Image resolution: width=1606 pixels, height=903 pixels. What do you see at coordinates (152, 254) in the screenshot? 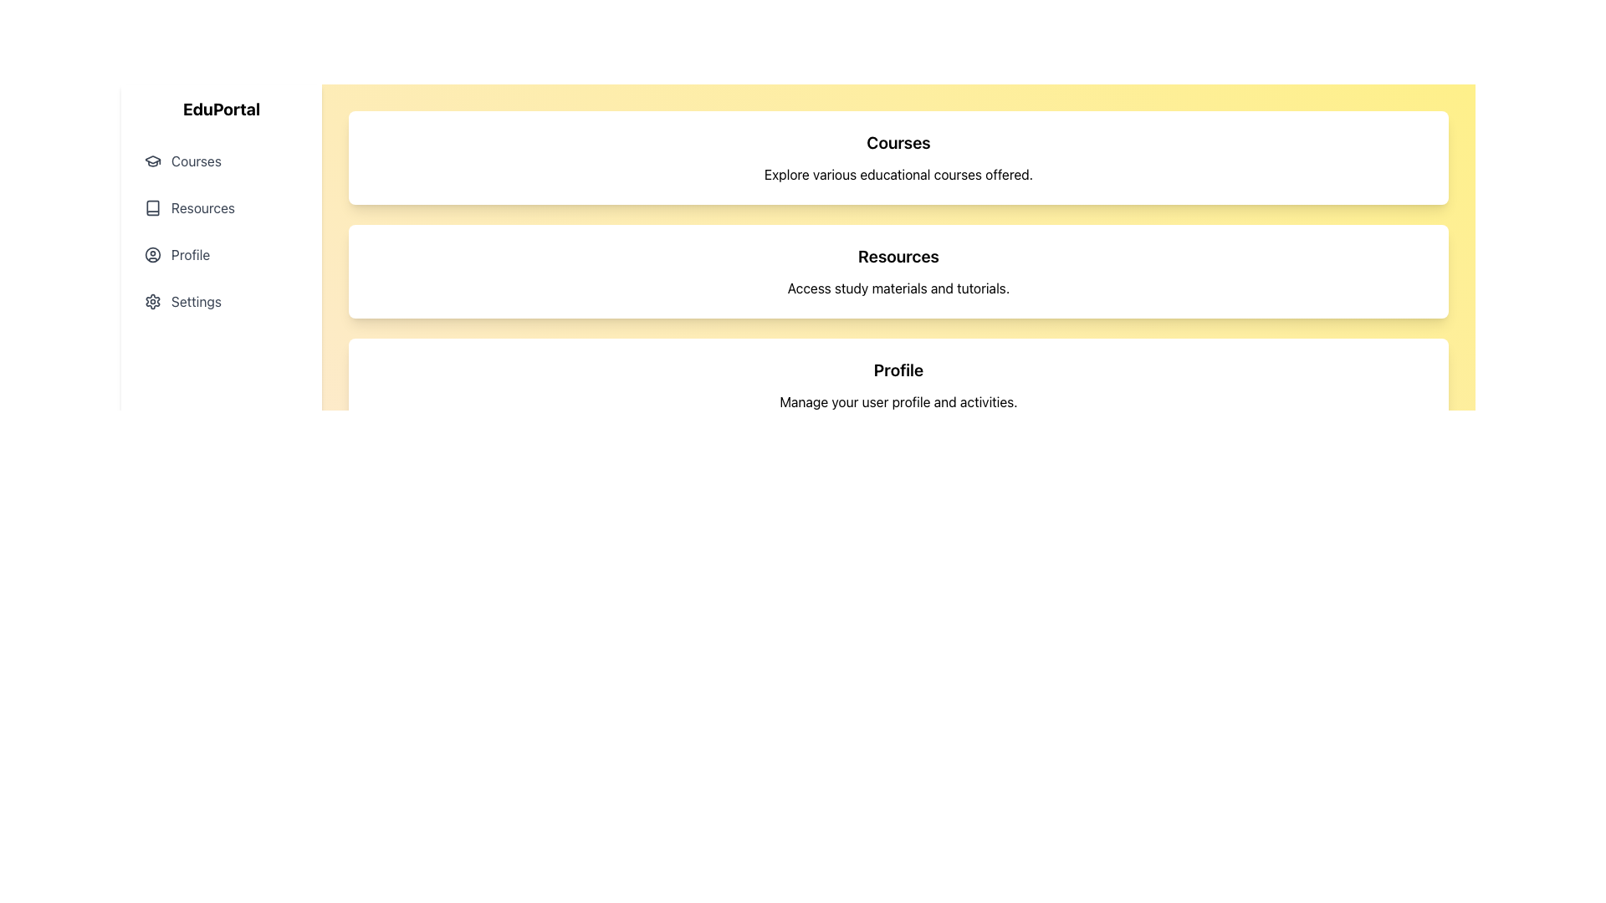
I see `the 'Profile' icon in the left sidebar navigation panel, which is the third icon from the top, to assist in identifying the menu option for managing profile settings` at bounding box center [152, 254].